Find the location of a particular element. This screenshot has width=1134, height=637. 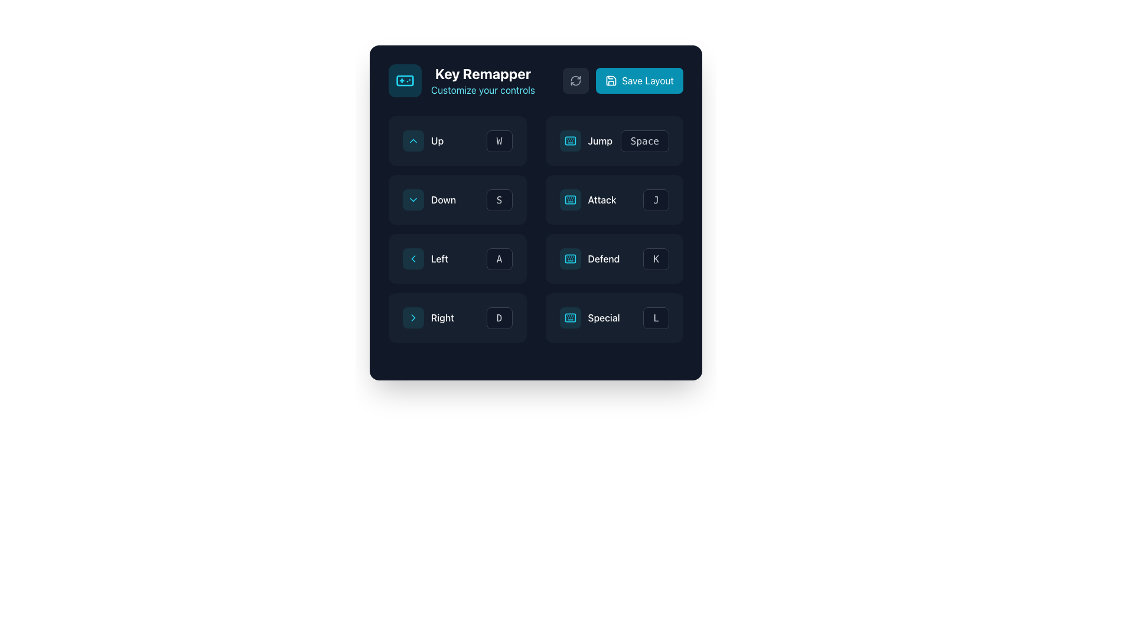

the cyan-colored button with rounded edges that contains a keyboard icon, located in the control layout section, aligned with the 'Defend' label to its right is located at coordinates (570, 258).